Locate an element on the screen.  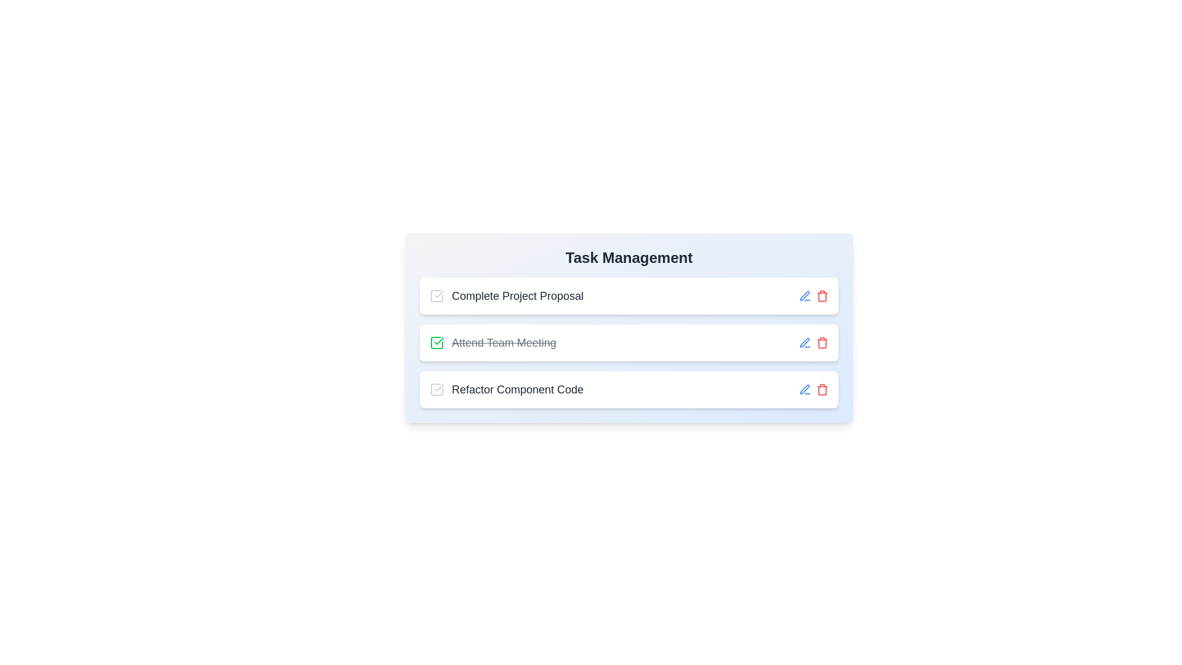
the icon button to edit the associated task, which is positioned to the right of the 'Complete Project Proposal' text and is the first in a horizontal arrangement of two icons is located at coordinates (805, 389).